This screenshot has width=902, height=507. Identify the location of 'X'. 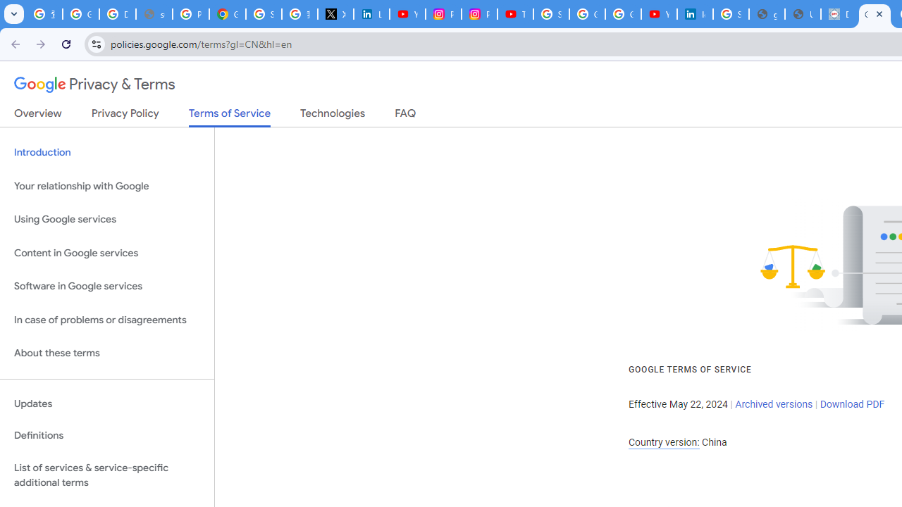
(335, 14).